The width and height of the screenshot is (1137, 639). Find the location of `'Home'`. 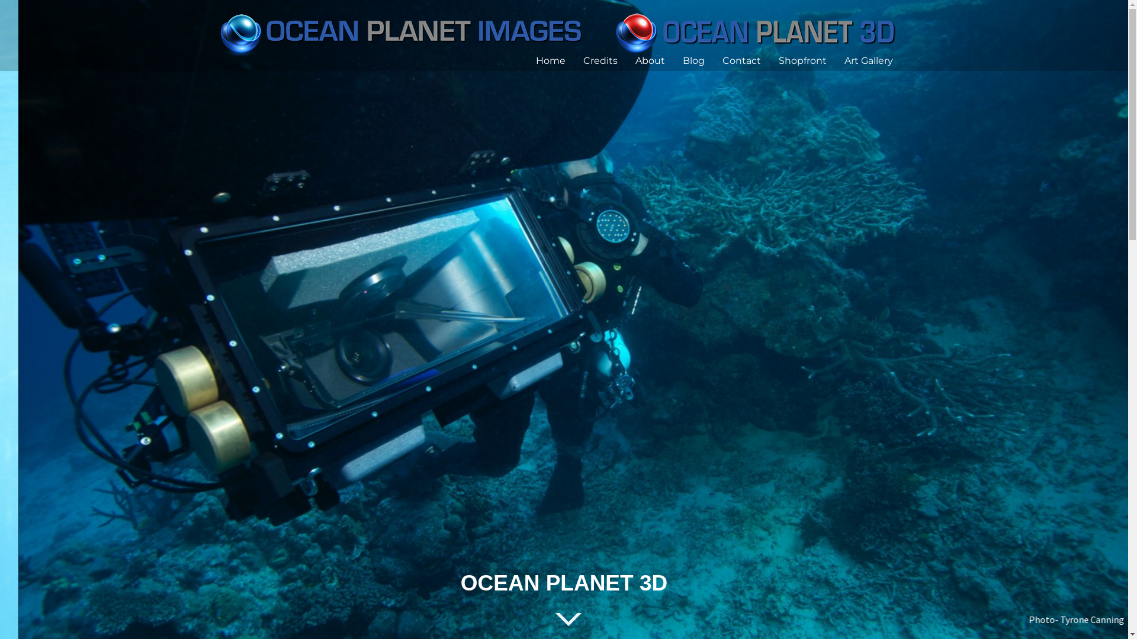

'Home' is located at coordinates (534, 60).